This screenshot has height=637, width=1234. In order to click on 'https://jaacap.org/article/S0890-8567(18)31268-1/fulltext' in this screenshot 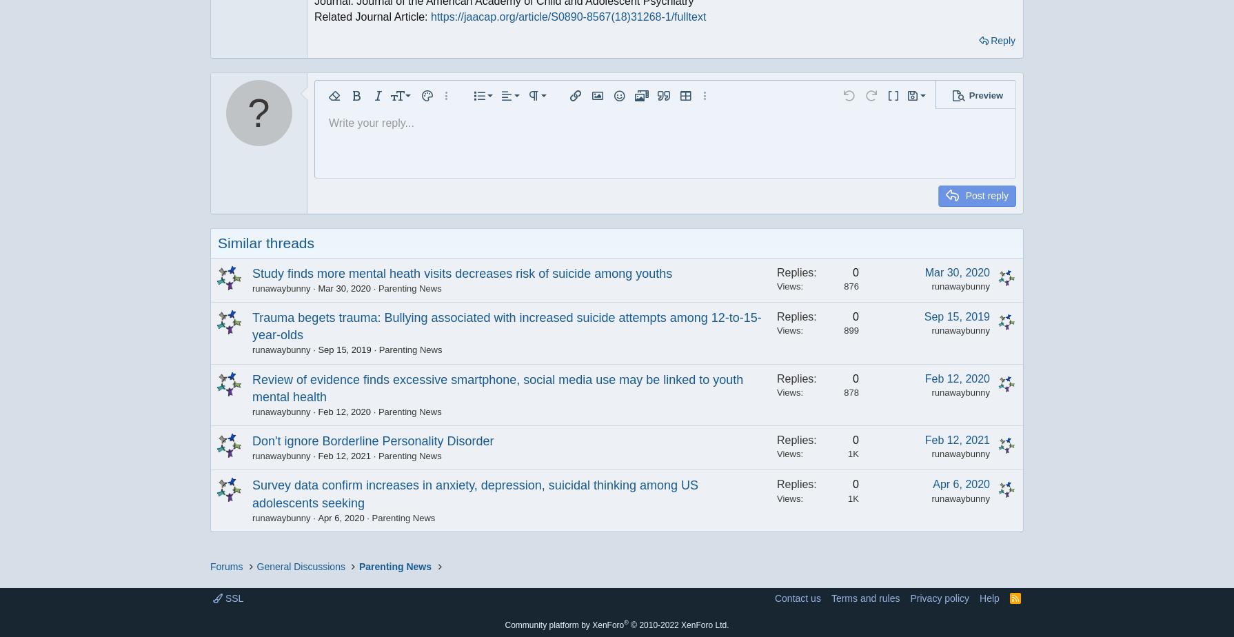, I will do `click(567, 16)`.